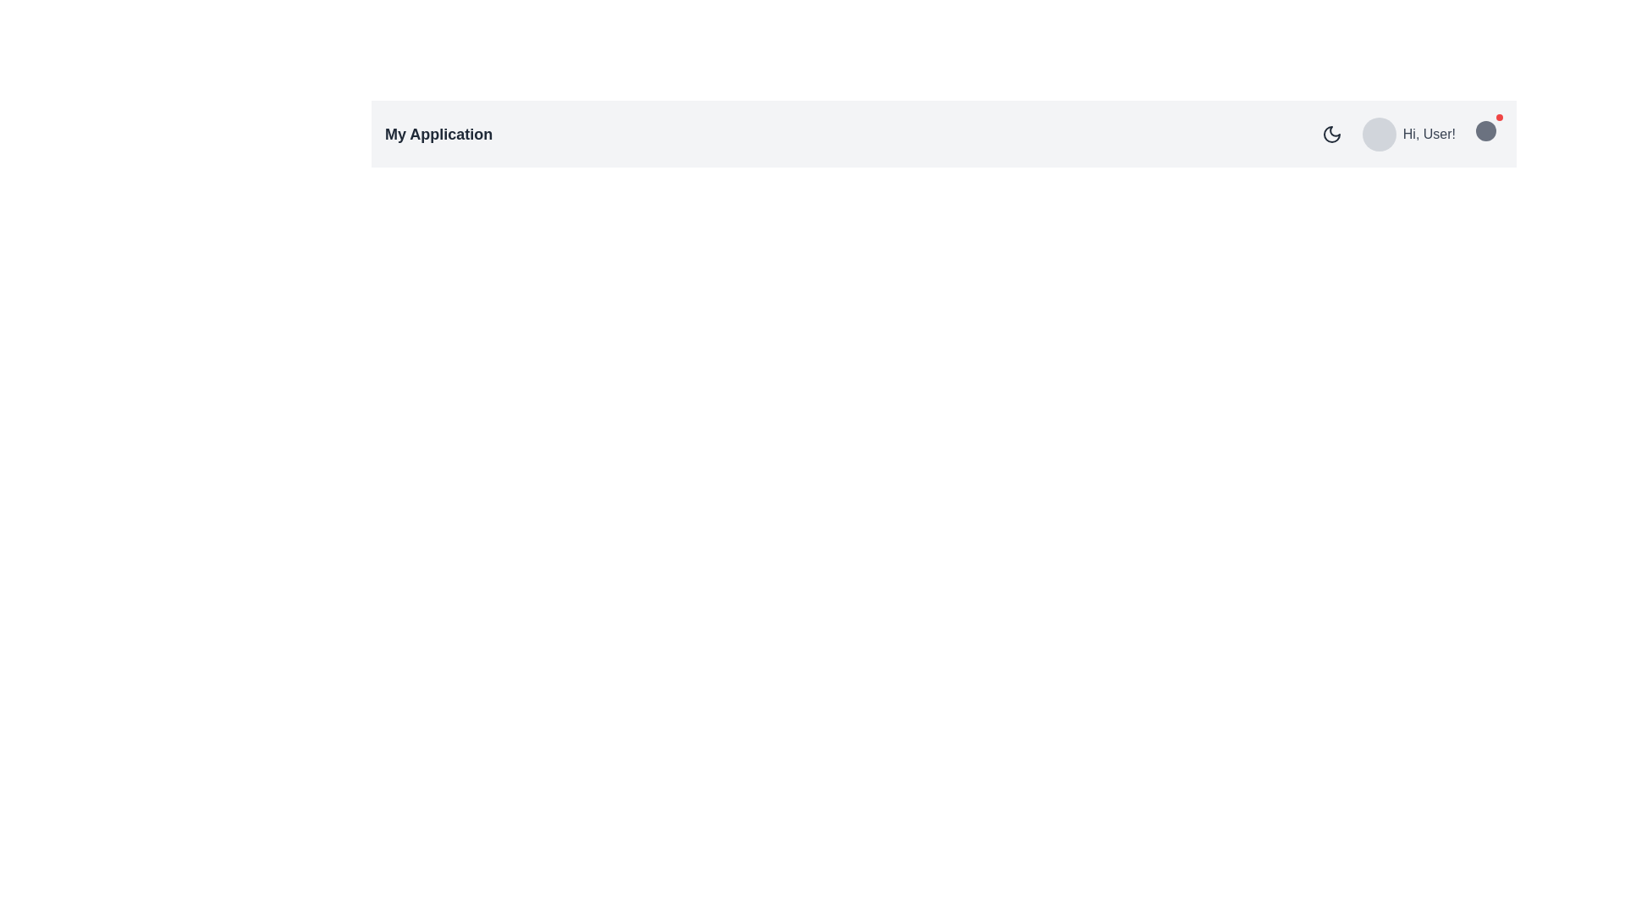  Describe the element at coordinates (438, 133) in the screenshot. I see `the text element displaying 'My Application' in bold sans-serif font, located in the upper-left corner of the header section` at that location.